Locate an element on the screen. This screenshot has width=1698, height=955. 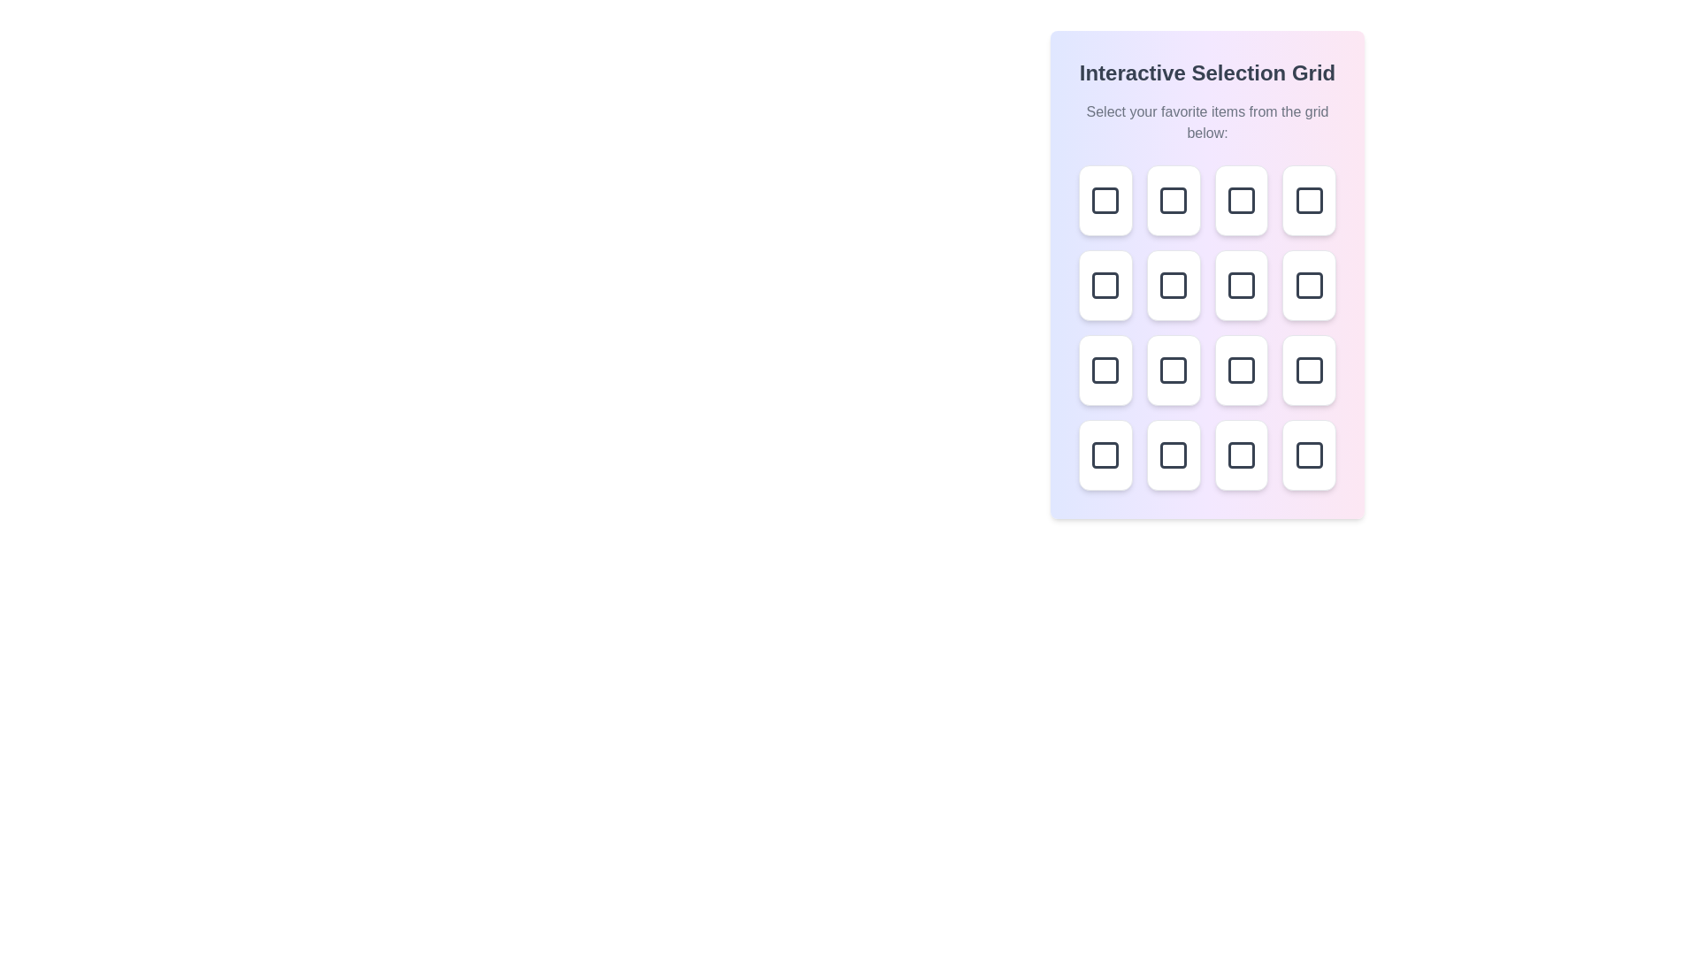
the graphical placeholder in the second row and second column of the 'Interactive Selection Grid' to make a selection is located at coordinates (1240, 200).